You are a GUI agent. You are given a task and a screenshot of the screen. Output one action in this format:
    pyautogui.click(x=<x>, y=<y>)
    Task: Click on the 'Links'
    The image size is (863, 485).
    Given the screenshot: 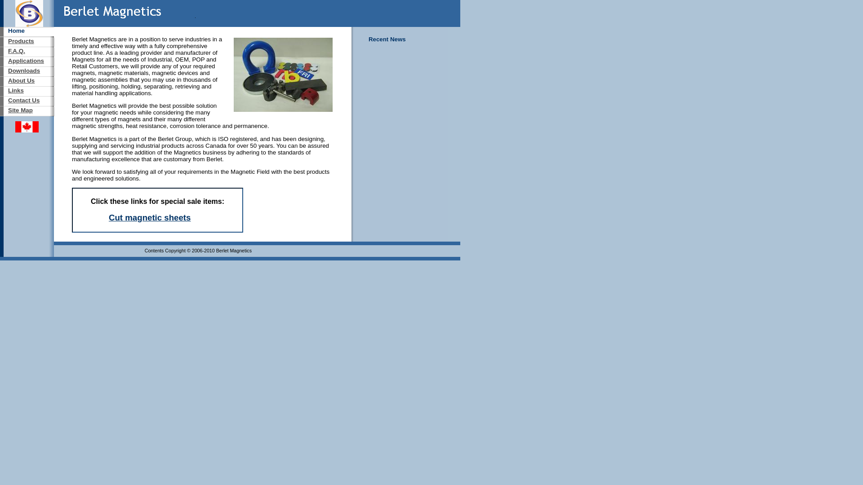 What is the action you would take?
    pyautogui.click(x=16, y=90)
    